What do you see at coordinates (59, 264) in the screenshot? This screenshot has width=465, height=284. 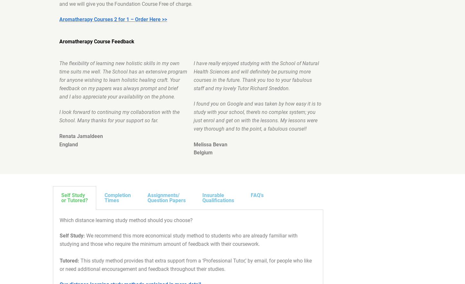 I see `'This study method provides that extra support from a ‘Professional Tutor,’ by email, for people who like or need additional encouragement and feedback throughout their studies.'` at bounding box center [59, 264].